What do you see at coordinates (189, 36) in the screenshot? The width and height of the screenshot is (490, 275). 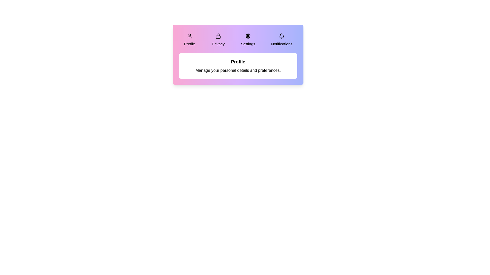 I see `the icon of the tab labeled Profile` at bounding box center [189, 36].